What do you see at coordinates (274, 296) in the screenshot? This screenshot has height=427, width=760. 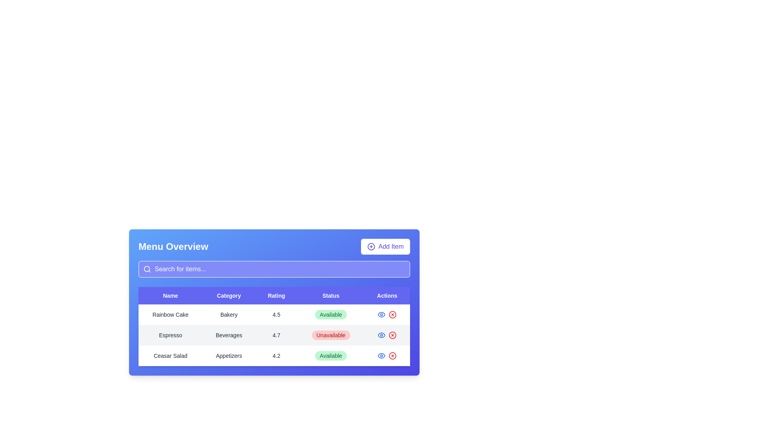 I see `column names from the table header row located at the top of the table, which labels the columns for data items like 'Rainbow Cake' and 'Espresso.'` at bounding box center [274, 296].